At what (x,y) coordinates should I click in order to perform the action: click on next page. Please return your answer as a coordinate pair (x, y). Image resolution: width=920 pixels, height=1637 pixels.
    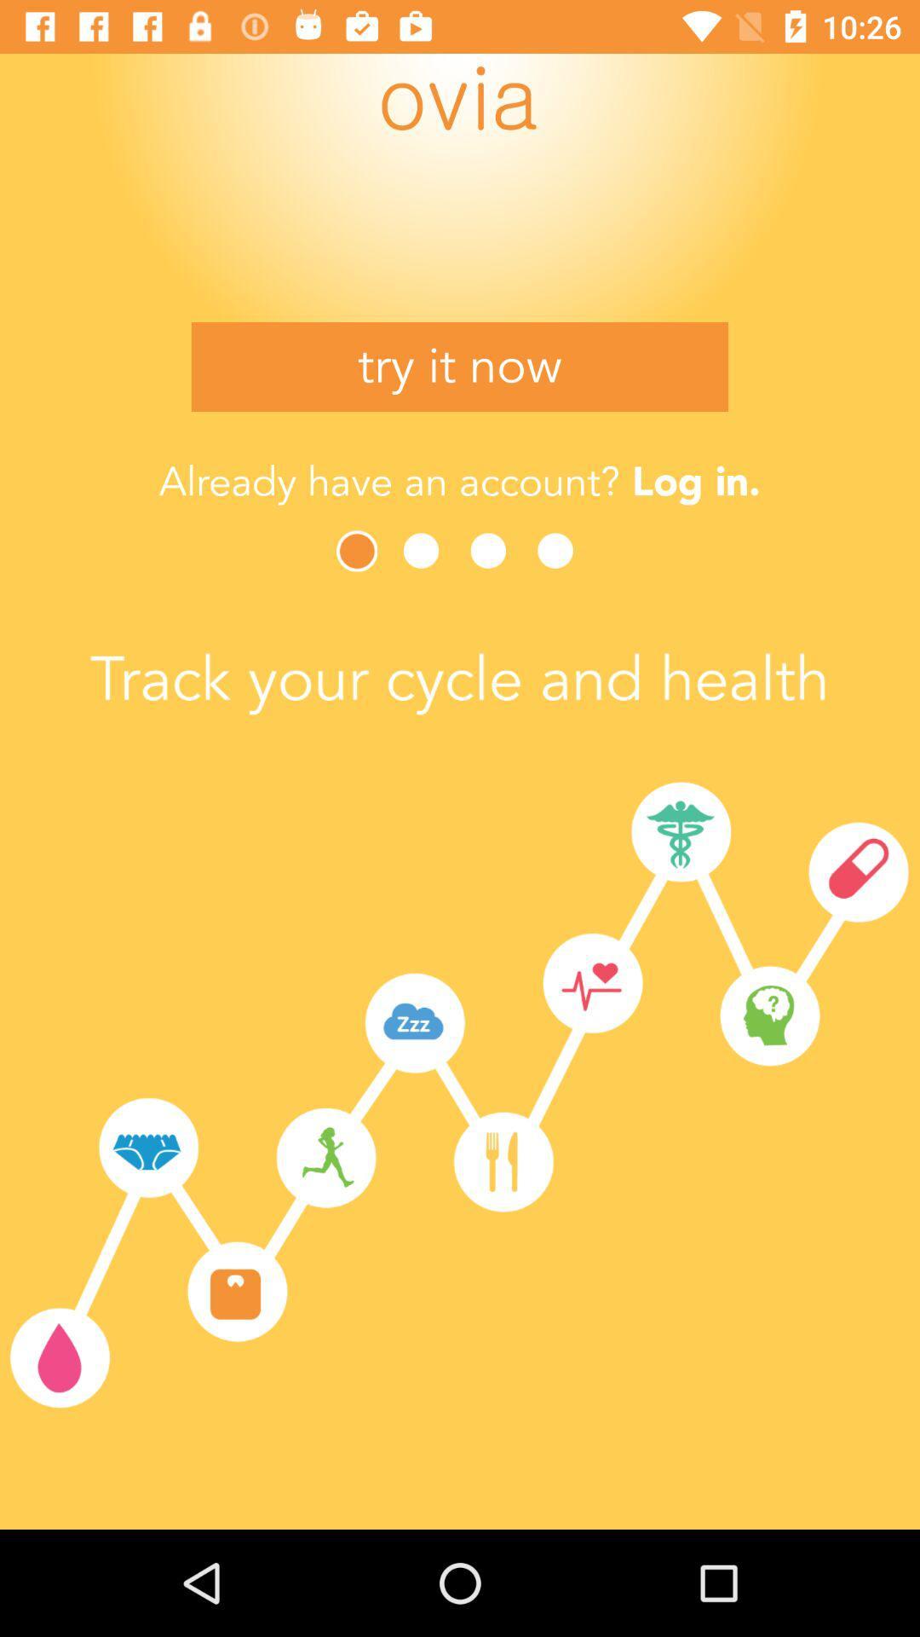
    Looking at the image, I should click on (425, 551).